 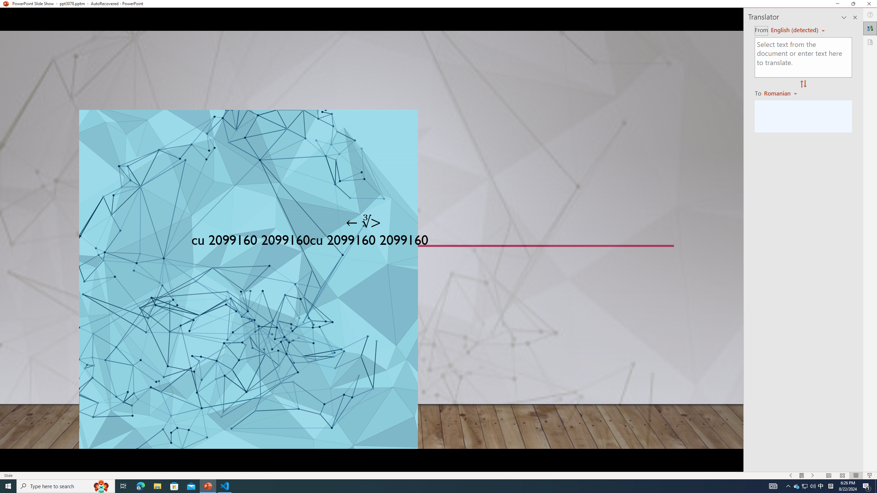 I want to click on 'Swap "from" and "to" languages.', so click(x=803, y=84).